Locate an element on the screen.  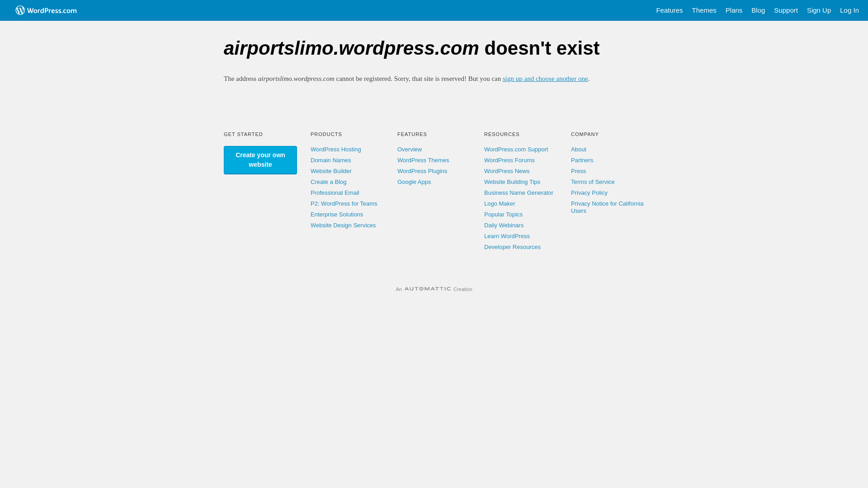
'Privacy Policy' is located at coordinates (589, 192).